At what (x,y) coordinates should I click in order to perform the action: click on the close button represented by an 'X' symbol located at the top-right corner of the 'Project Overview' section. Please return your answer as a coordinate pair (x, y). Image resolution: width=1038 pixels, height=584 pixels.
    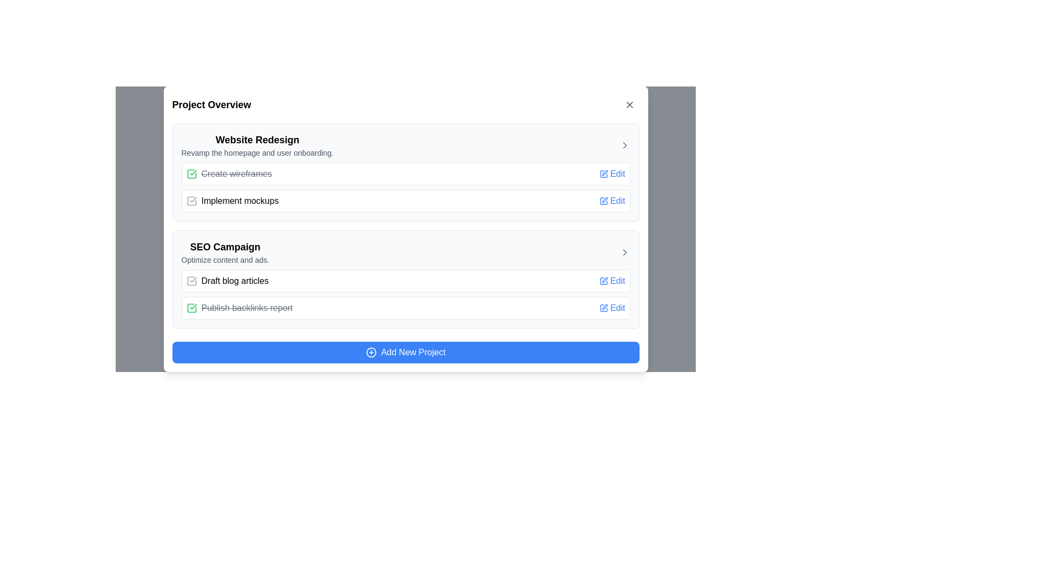
    Looking at the image, I should click on (629, 104).